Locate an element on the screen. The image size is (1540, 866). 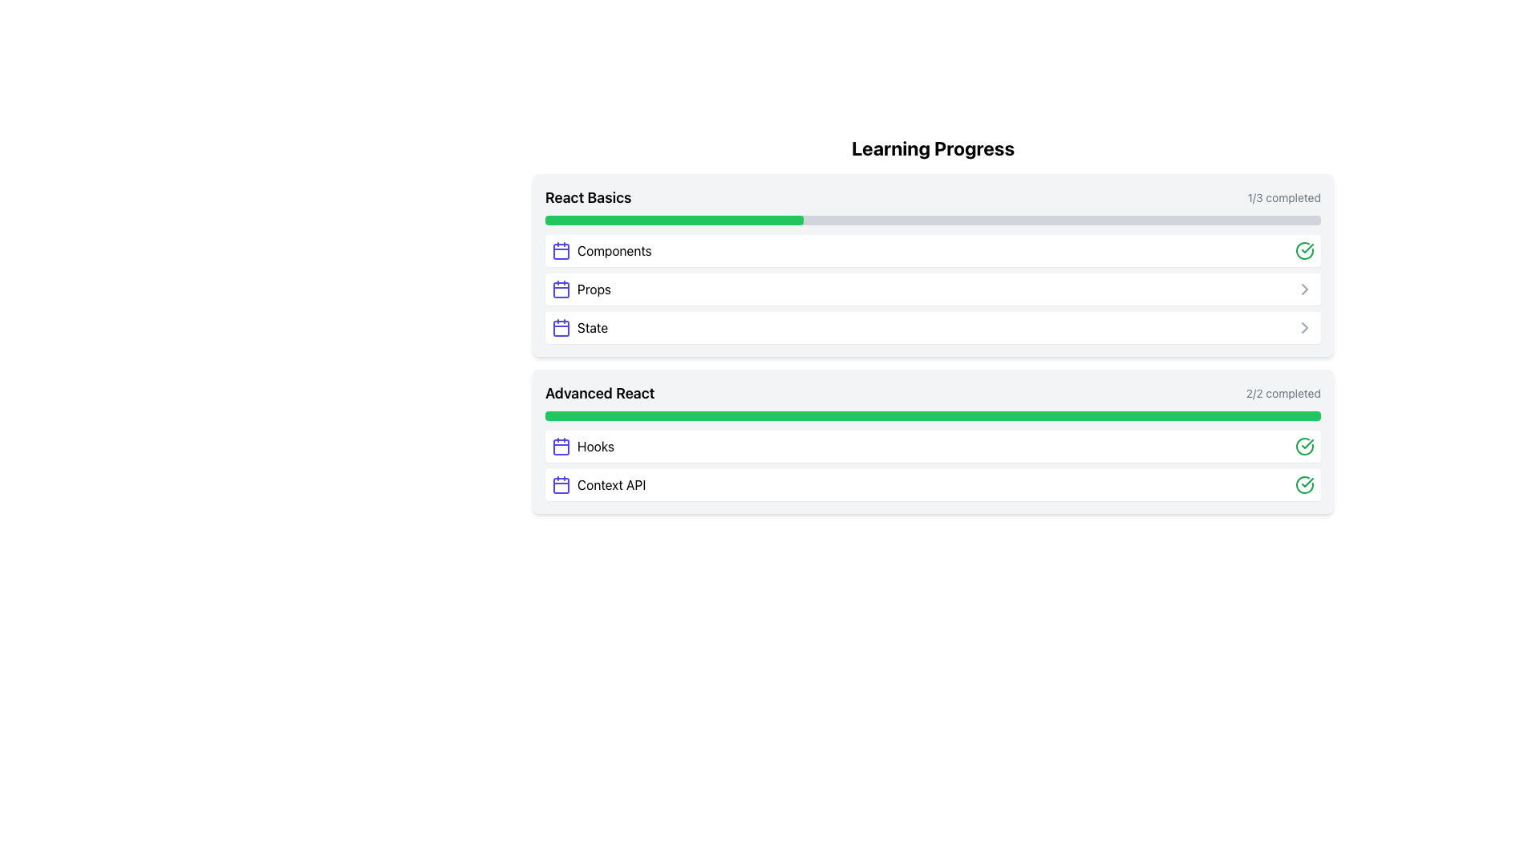
the 'Props' text label, which is the second item in the vertical list under the 'React Basics' header is located at coordinates (594, 289).